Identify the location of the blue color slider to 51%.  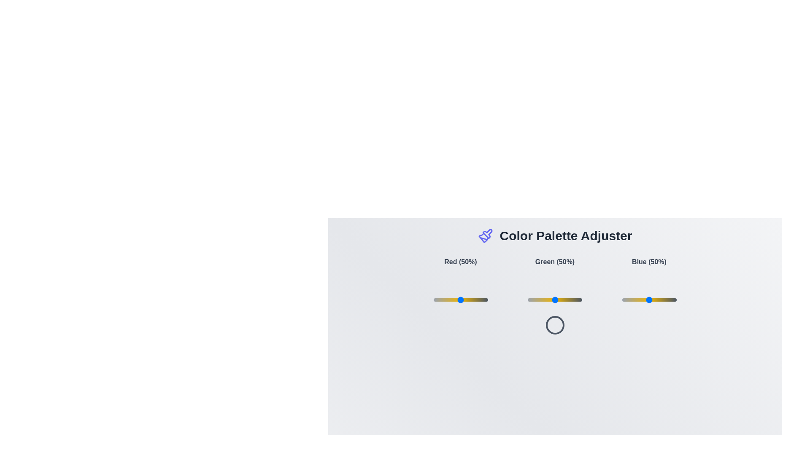
(649, 300).